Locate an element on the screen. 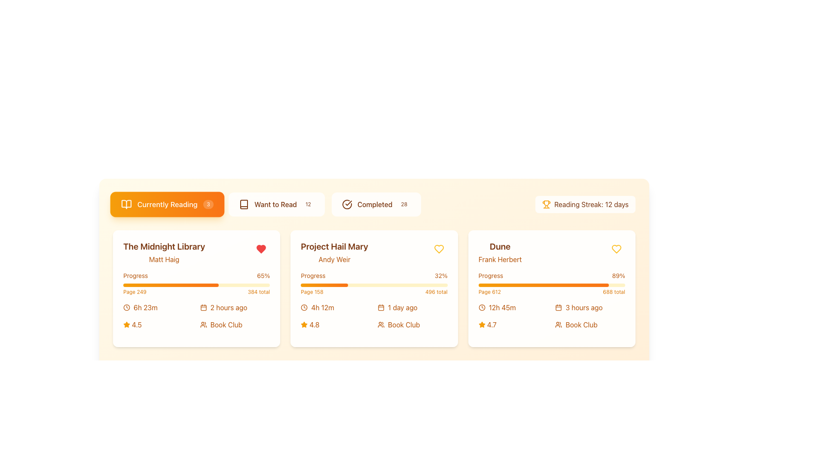  the label with the icon indicating that 'The Midnight Library' is part of a 'Book Club', located at the bottom of the third card in the 'Currently Reading' section is located at coordinates (235, 325).